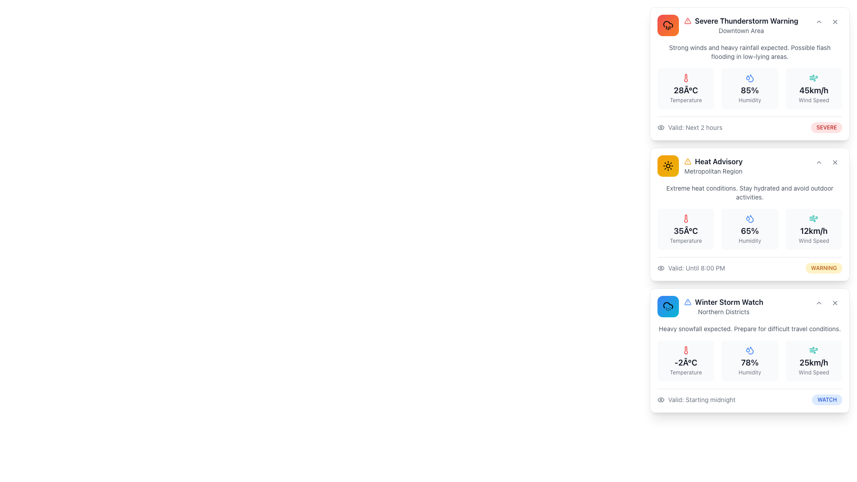 The image size is (857, 482). What do you see at coordinates (741, 30) in the screenshot?
I see `context text label that displays 'Downtown Area', which is located below the main title 'Severe Thunderstorm Warning' in the weather warning section` at bounding box center [741, 30].